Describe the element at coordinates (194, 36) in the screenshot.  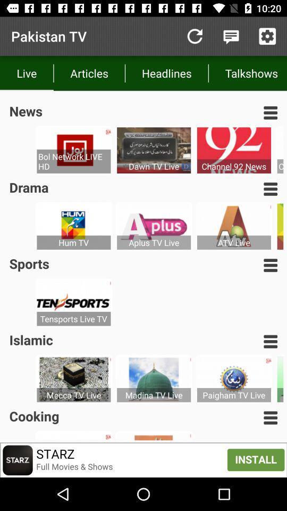
I see `item to the right of the articles icon` at that location.